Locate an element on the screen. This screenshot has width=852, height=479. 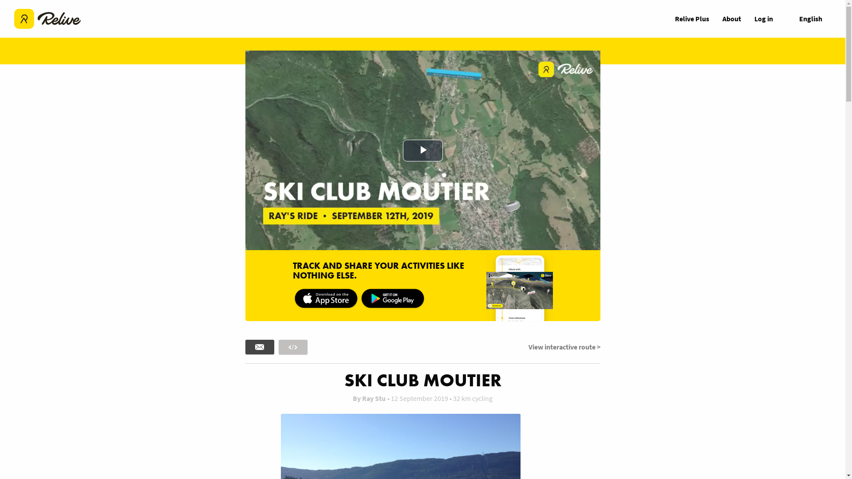
'View interactive route >' is located at coordinates (564, 346).